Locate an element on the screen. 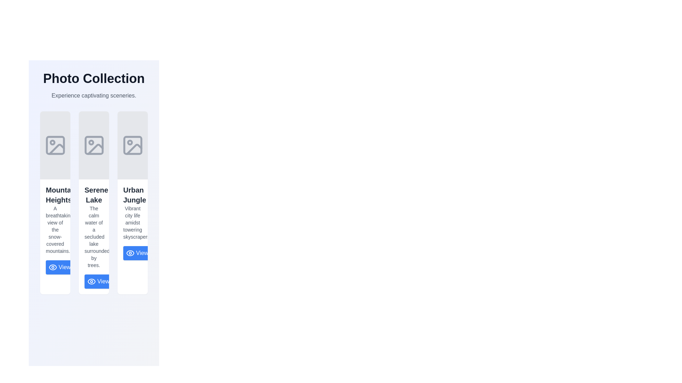 The height and width of the screenshot is (383, 682). the 'View' button, a rounded blue button with white text and an eye icon, located in the 'Mountain Heights' section underneath the text 'A breathtaking view of the snow-covered mountains' is located at coordinates (55, 267).